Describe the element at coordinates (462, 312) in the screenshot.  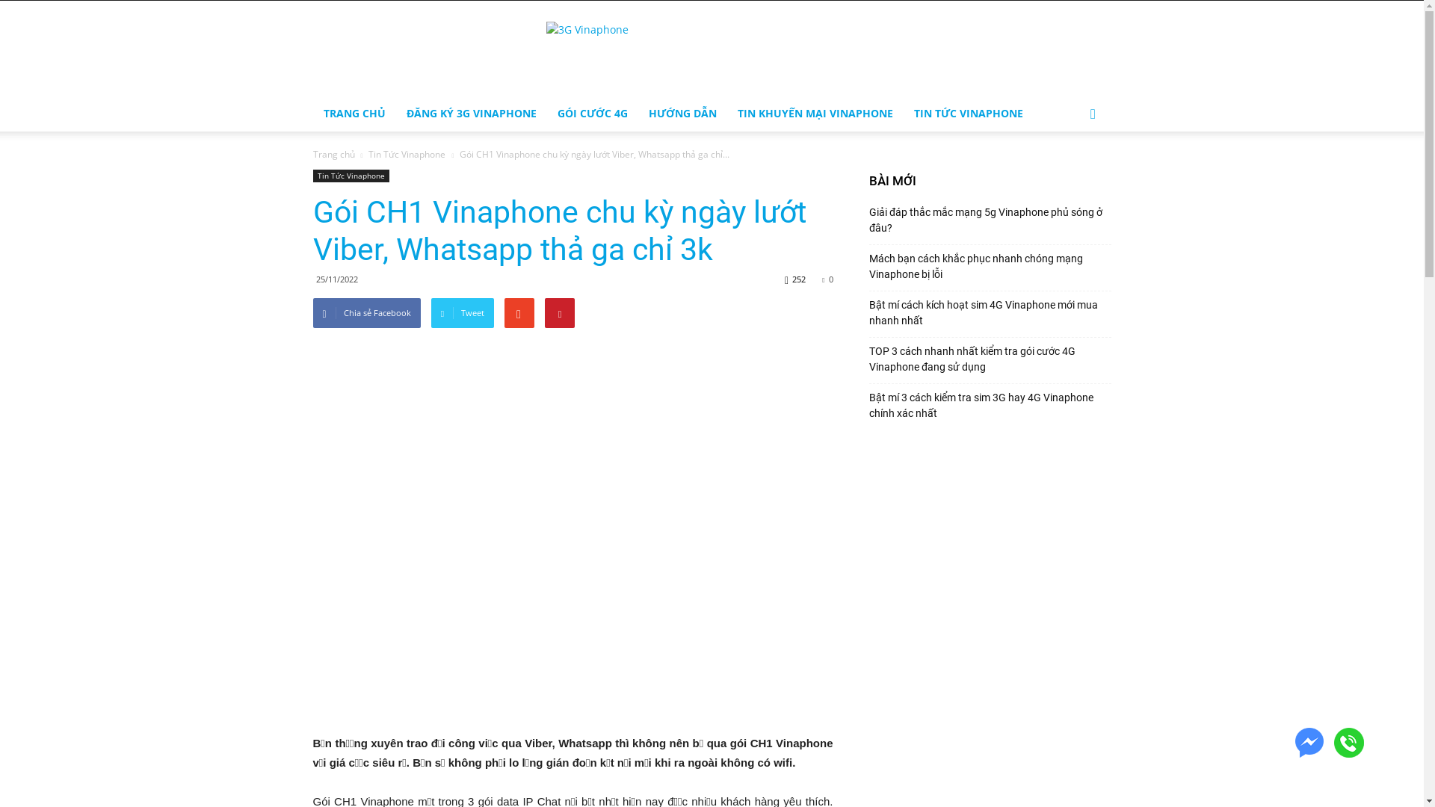
I see `'Tweet'` at that location.